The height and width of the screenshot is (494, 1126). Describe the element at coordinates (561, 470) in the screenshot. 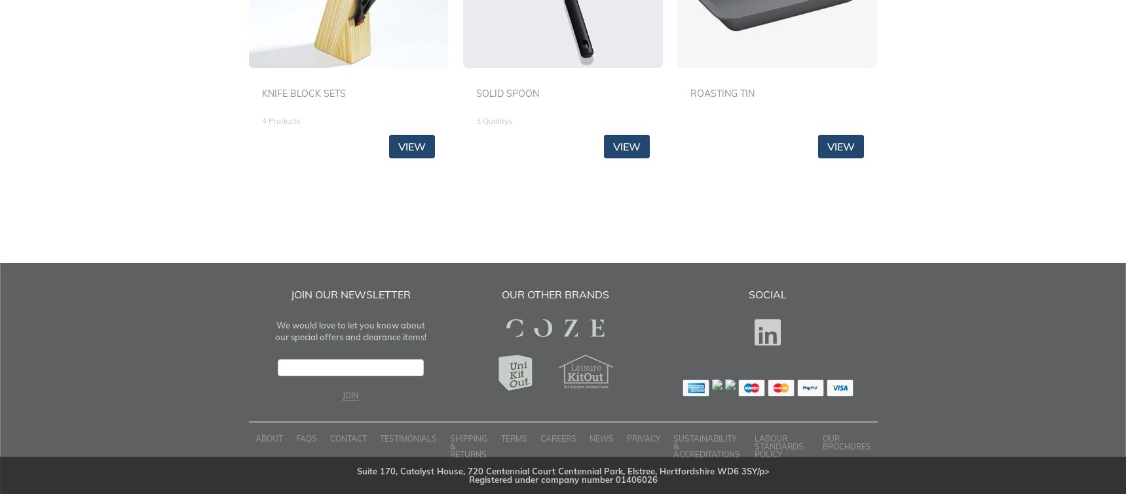

I see `'Suite 170, Catalyst House, 720 Centennial Court ​Centennial Park, Elstree, Hertfordshire WD6 3SY/p>'` at that location.